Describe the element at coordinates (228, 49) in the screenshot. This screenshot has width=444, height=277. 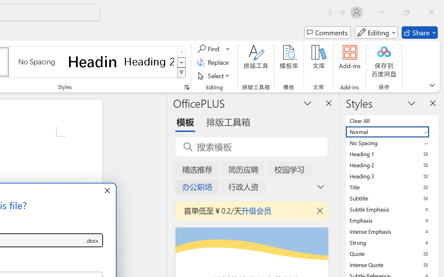
I see `'More Options'` at that location.